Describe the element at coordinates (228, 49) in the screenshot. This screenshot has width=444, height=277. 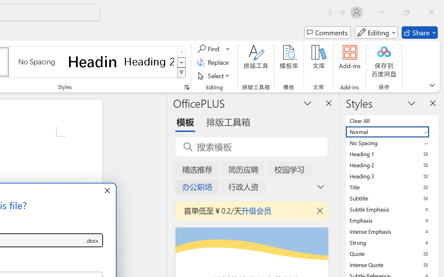
I see `'More Options'` at that location.